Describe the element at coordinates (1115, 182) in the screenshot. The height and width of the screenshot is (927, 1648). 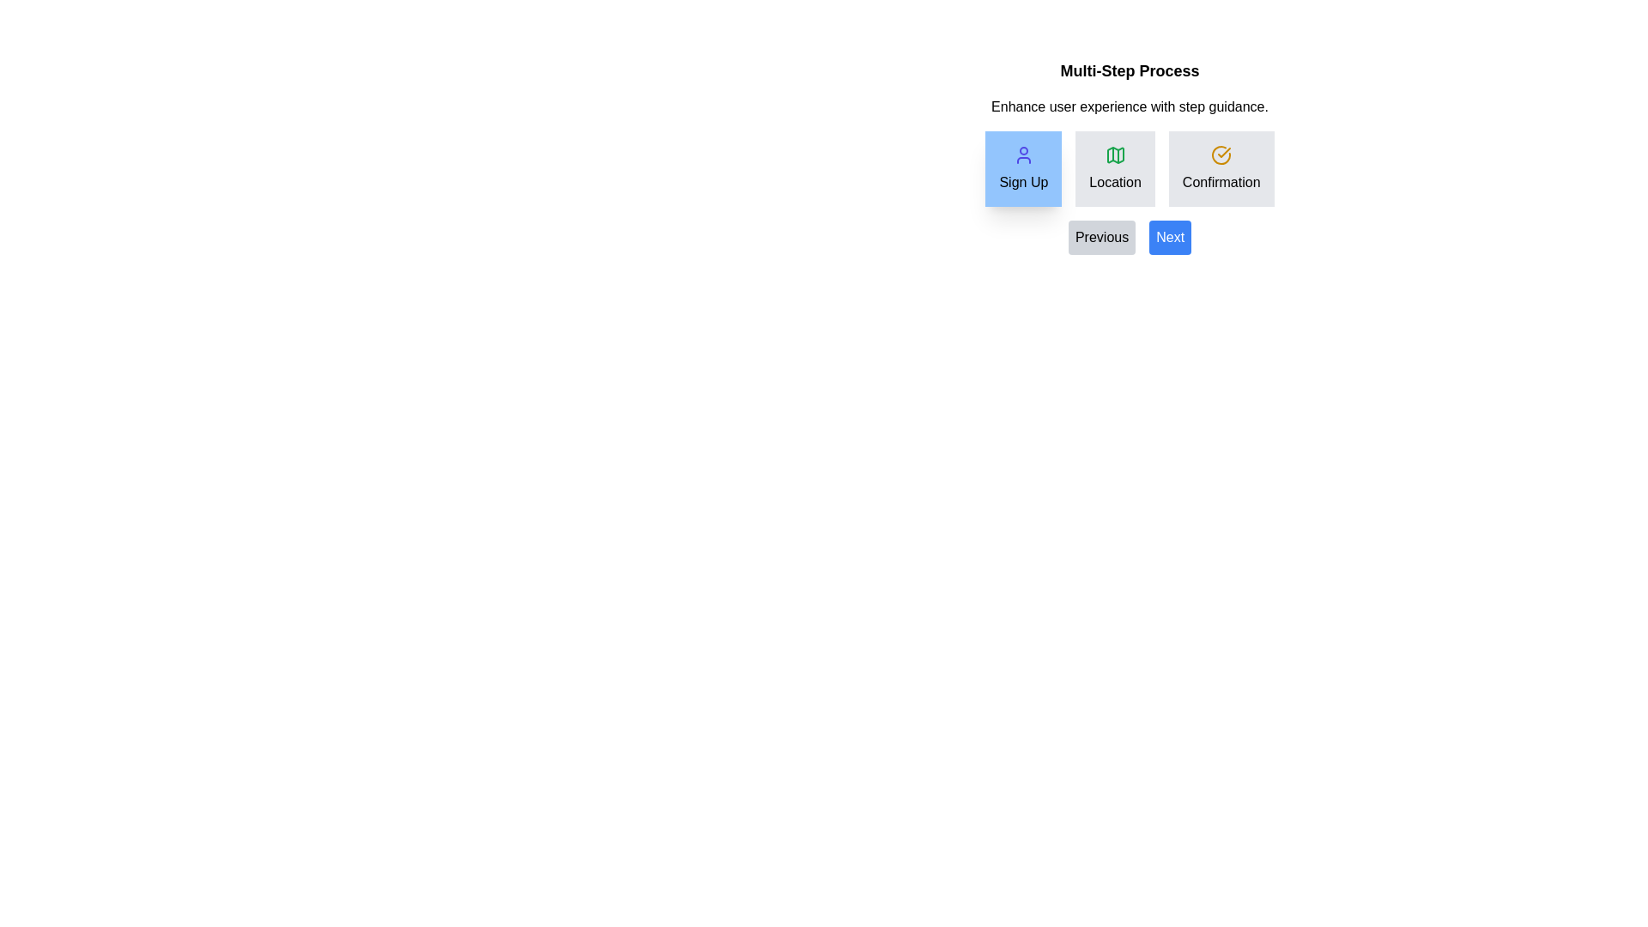
I see `the text label reading 'Location', which is styled with a medium-weight font and positioned below a map marker icon in a light gray rectangular panel` at that location.